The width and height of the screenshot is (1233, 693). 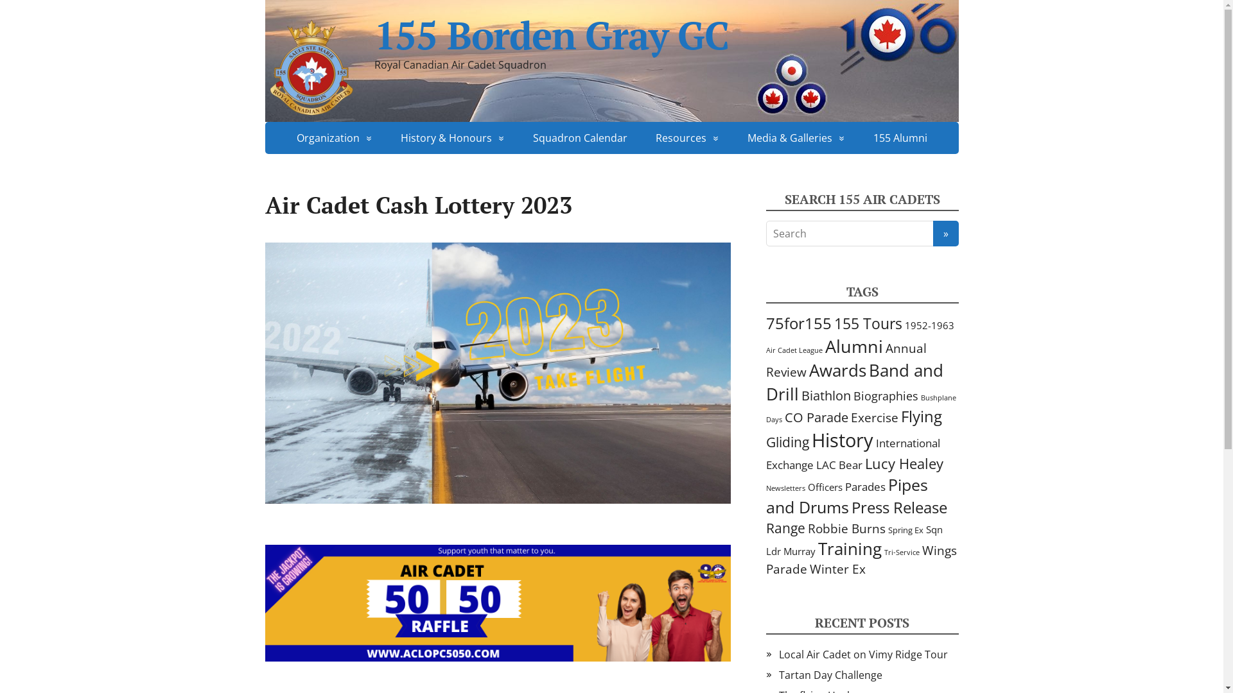 I want to click on 'Exercise', so click(x=873, y=417).